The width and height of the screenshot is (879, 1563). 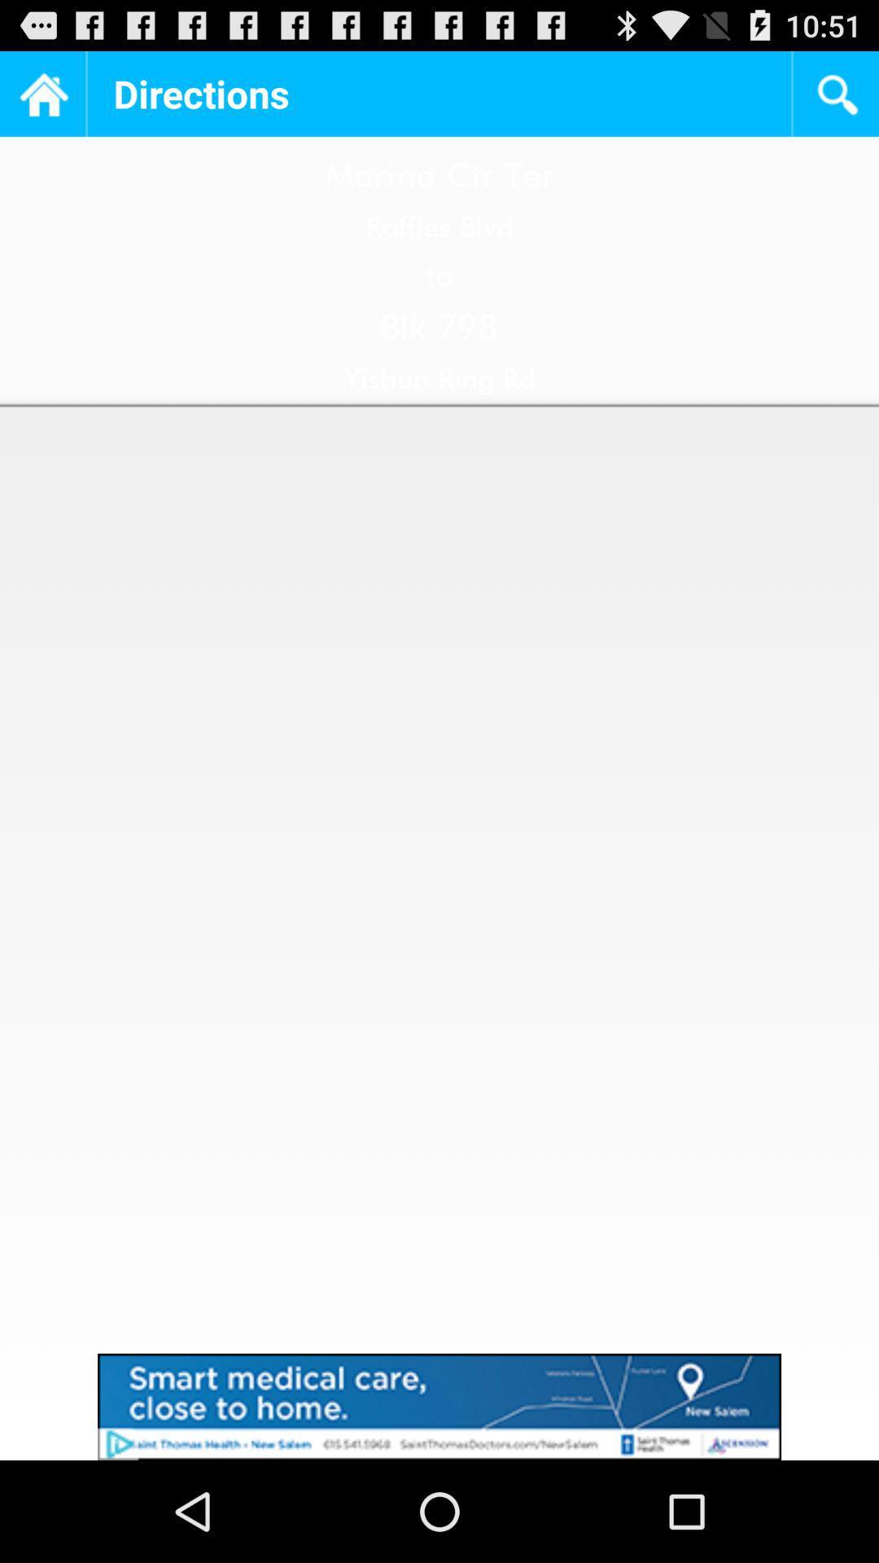 What do you see at coordinates (836, 99) in the screenshot?
I see `the search icon` at bounding box center [836, 99].